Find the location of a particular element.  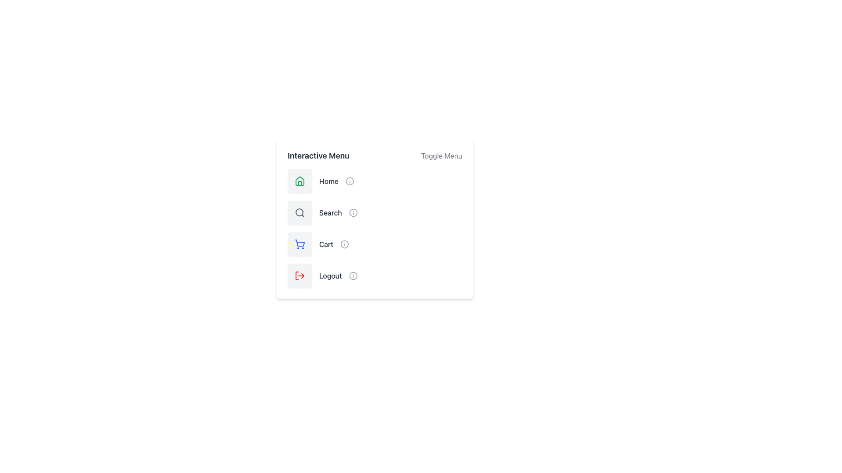

the 'Home' button located at the top of the 'Interactive Menu' panel, which serves as an indicator to redirect the user to the homepage is located at coordinates (300, 180).